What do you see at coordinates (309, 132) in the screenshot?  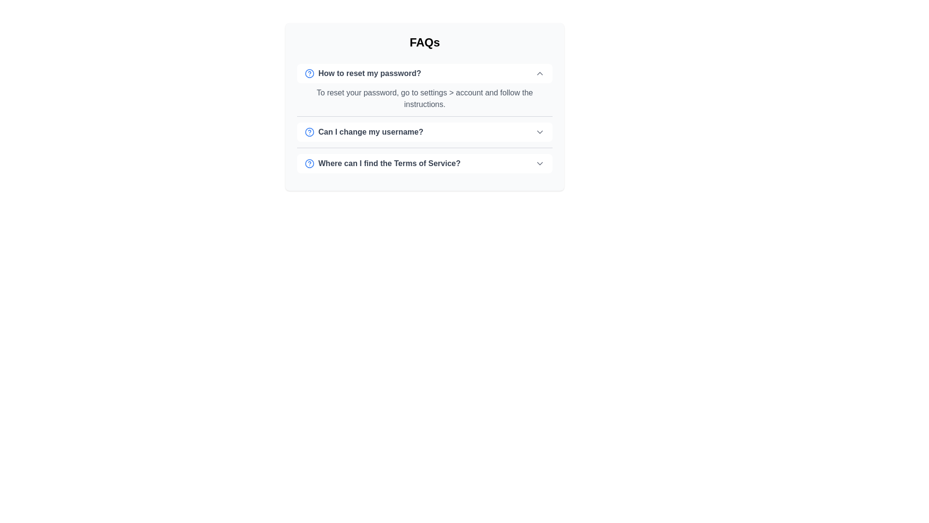 I see `the appearance of the decorative icon positioned adjacent to the second FAQ entry in the FAQ section` at bounding box center [309, 132].